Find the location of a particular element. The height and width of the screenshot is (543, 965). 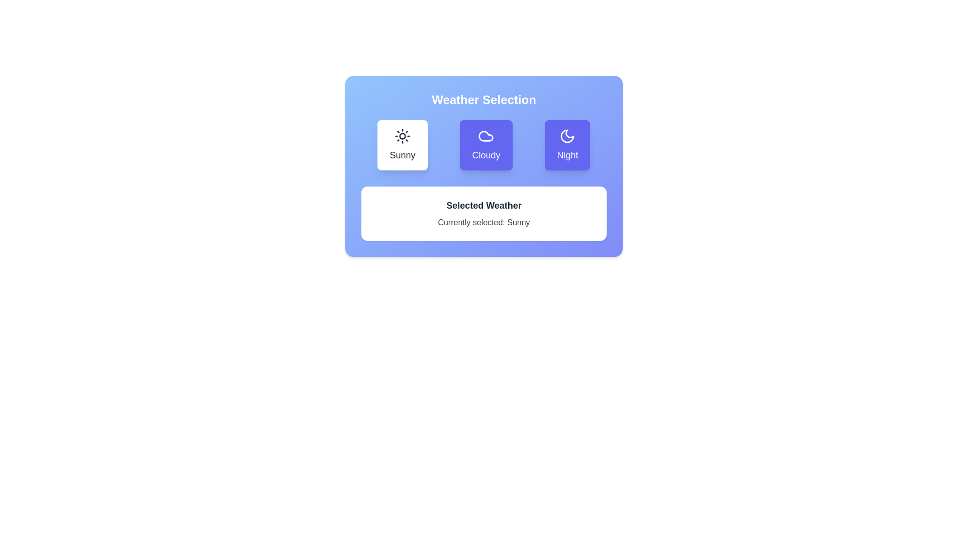

the 'Cloudy' button, which is a rectangular button with a purple background and a cloud icon is located at coordinates (486, 145).